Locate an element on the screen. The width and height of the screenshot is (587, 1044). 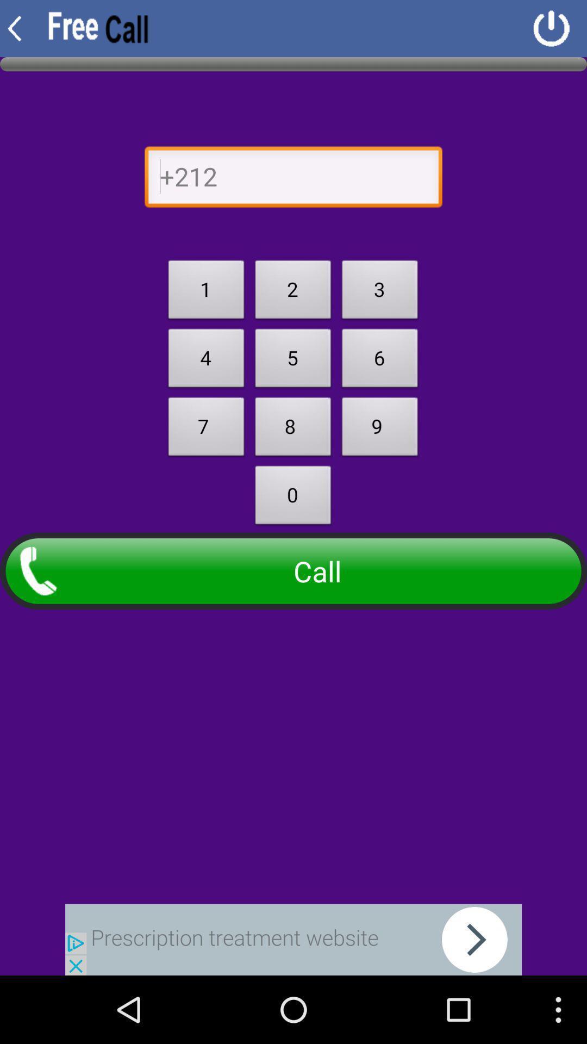
turn off is located at coordinates (551, 28).